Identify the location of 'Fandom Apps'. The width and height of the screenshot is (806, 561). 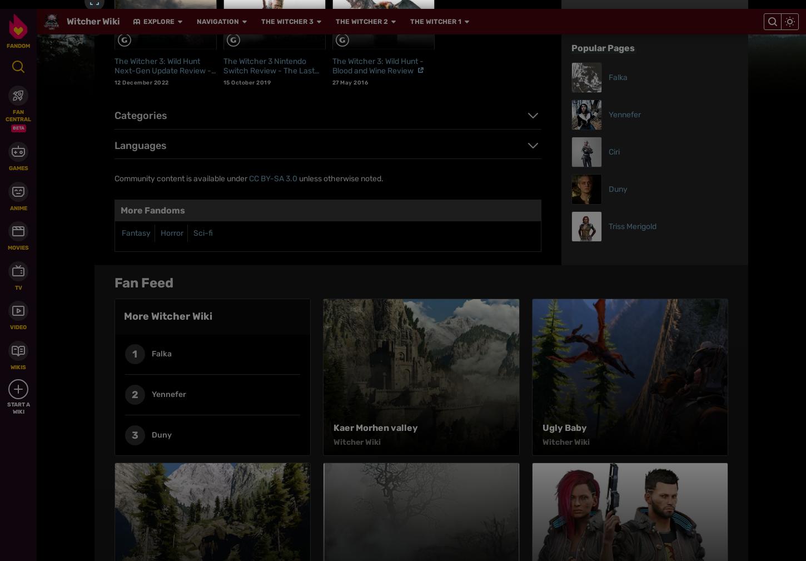
(591, 322).